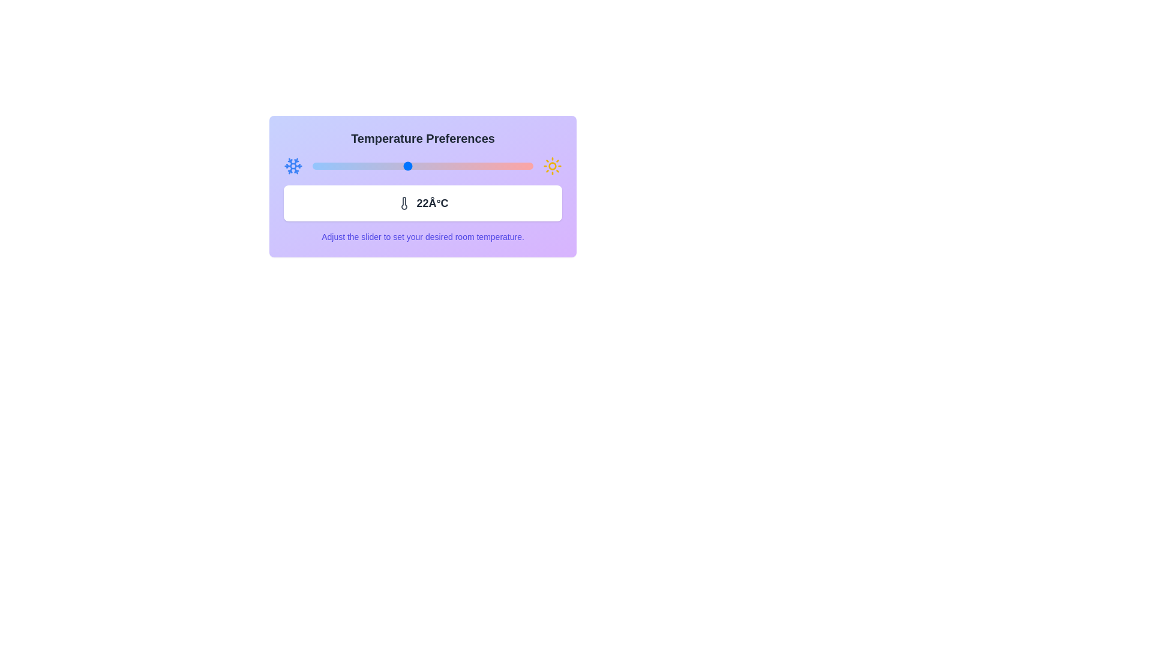  Describe the element at coordinates (293, 166) in the screenshot. I see `the snowflake icon to activate the cooling mode` at that location.